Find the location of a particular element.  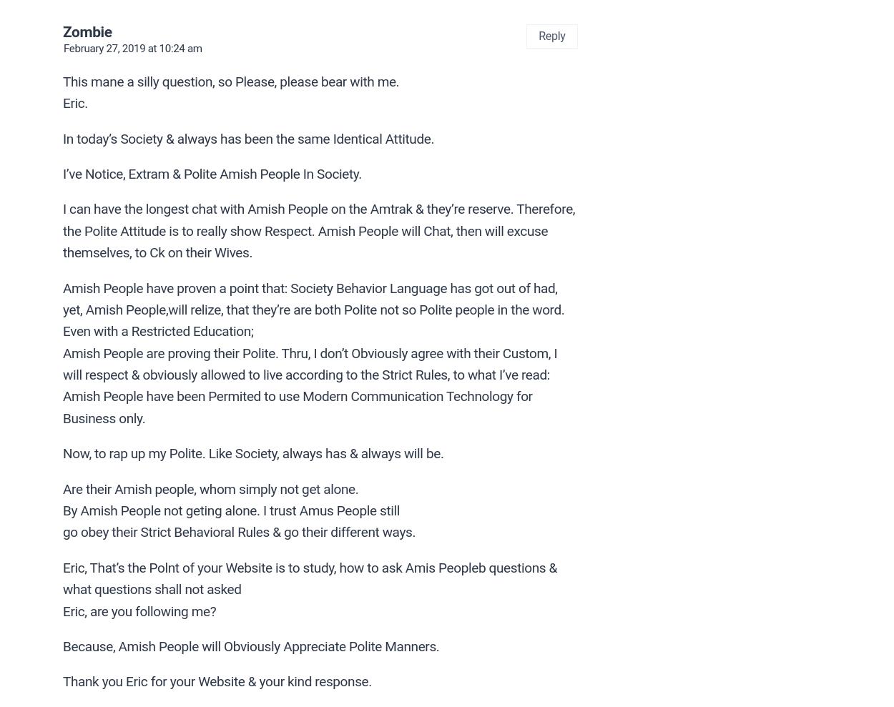

'This mane a silly question, so Please, please bear with me.' is located at coordinates (230, 80).